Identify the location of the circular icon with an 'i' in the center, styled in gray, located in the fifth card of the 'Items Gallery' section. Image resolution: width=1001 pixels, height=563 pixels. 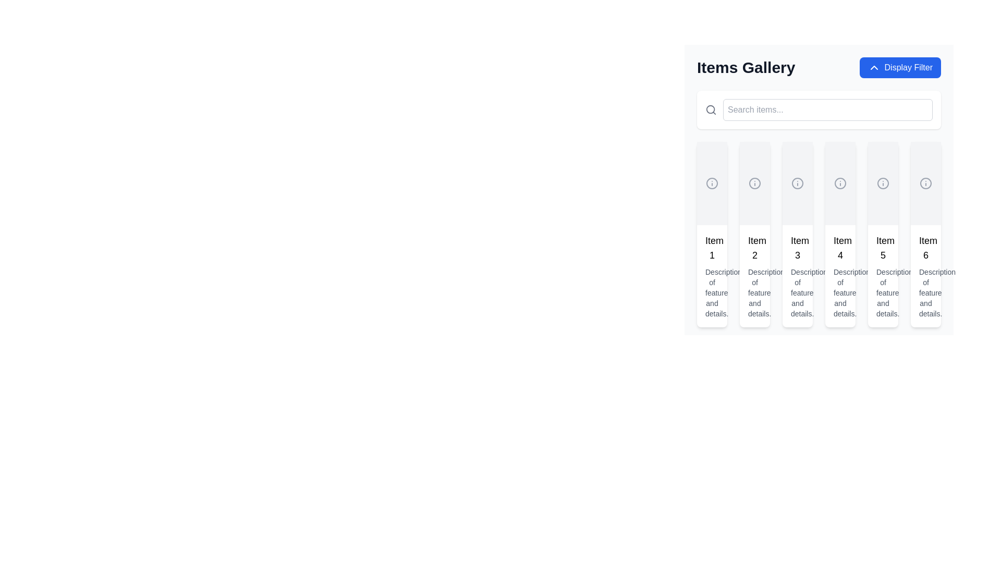
(883, 182).